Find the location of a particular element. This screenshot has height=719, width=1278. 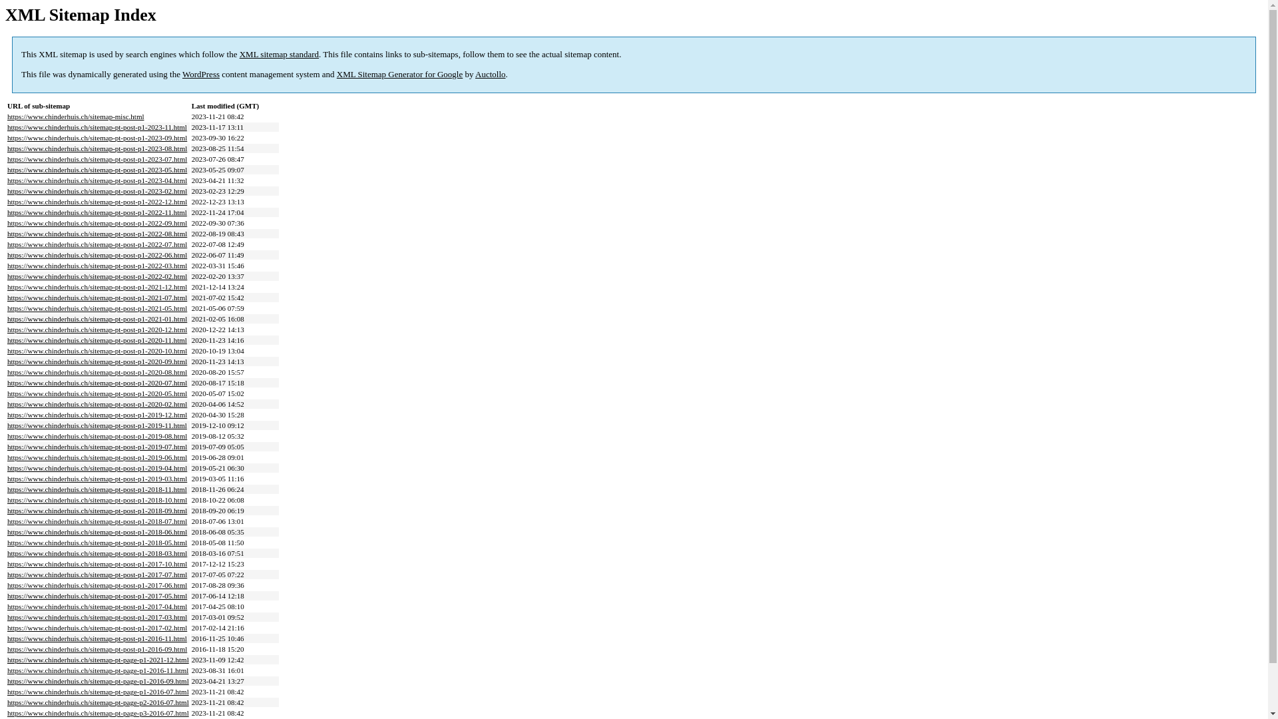

'https://www.chinderhuis.ch/sitemap-pt-post-p1-2019-12.html' is located at coordinates (96, 414).